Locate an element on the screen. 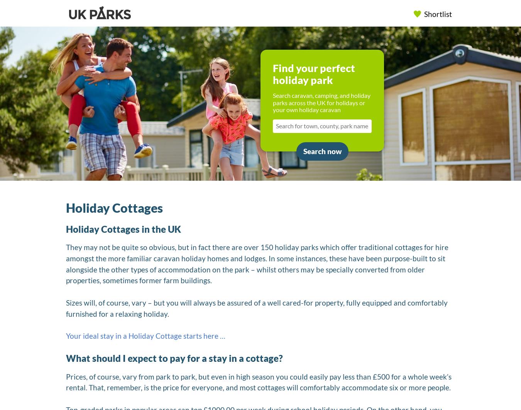  'Sizes will, of course, vary – but you will always be assured of a well cared-for property, fully equipped and comfortably furnished for a relaxing holiday.' is located at coordinates (257, 308).